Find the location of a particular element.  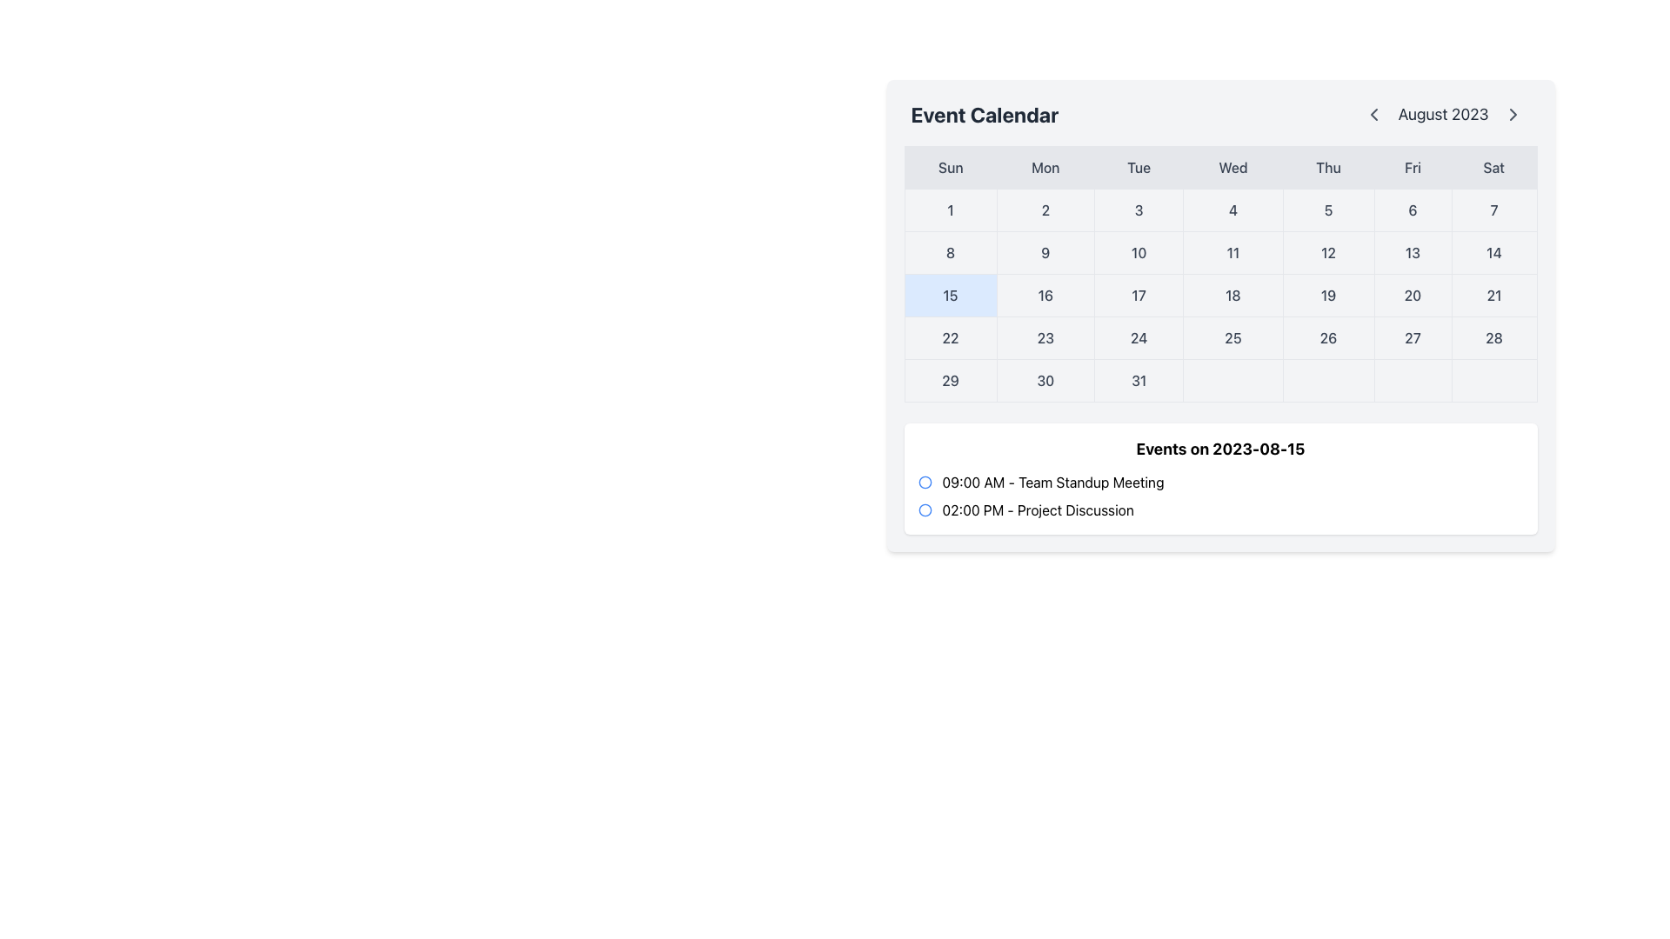

the text label displaying 'Sun', which is centrally aligned above a calendar table and is the first in a sequence of day abbreviations is located at coordinates (950, 167).